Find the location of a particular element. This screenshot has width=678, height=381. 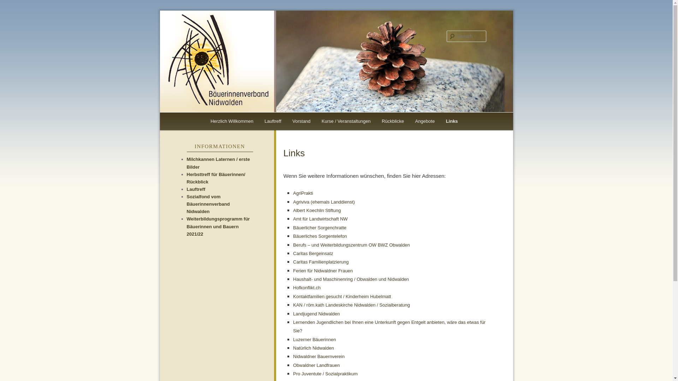

'Angebote' is located at coordinates (424, 121).